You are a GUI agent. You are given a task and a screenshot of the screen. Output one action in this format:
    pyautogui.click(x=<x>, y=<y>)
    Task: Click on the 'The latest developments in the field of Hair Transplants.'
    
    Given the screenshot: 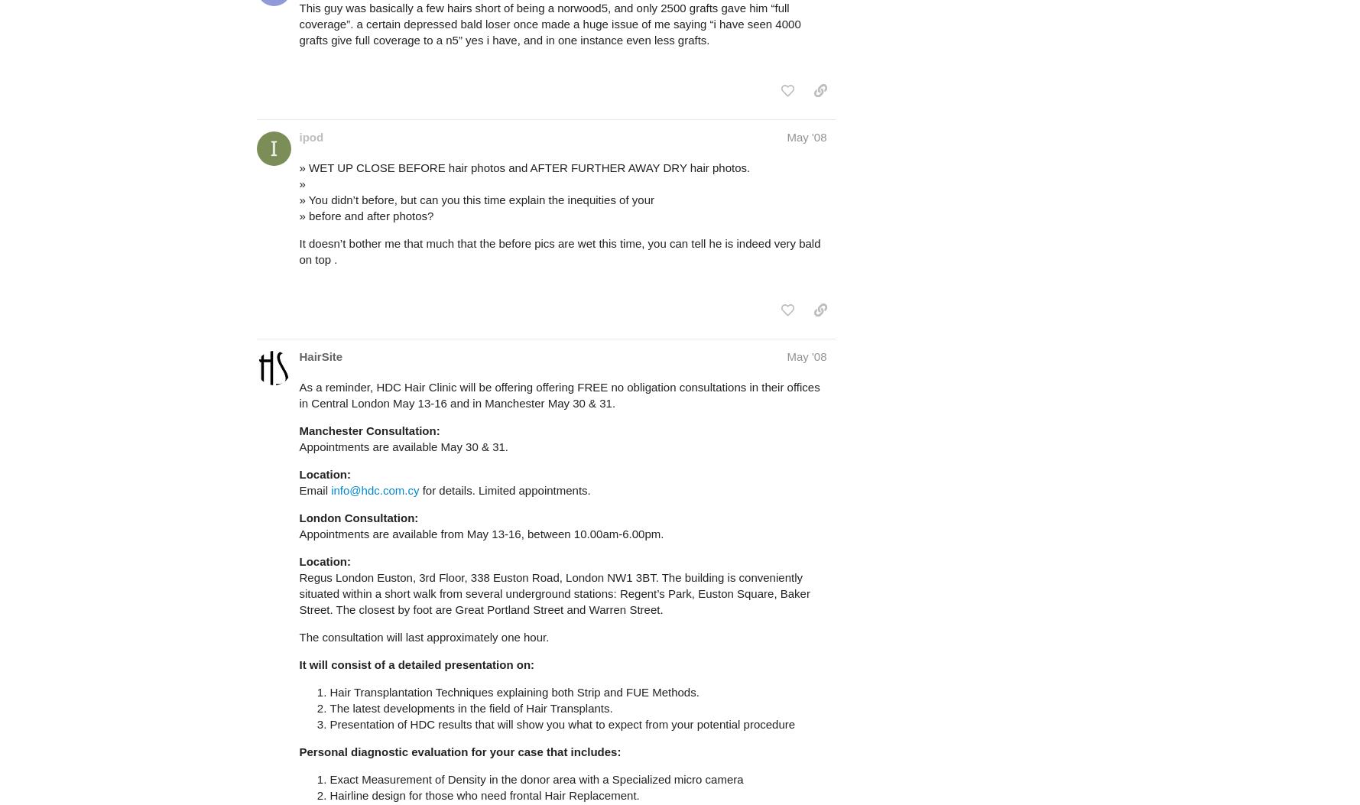 What is the action you would take?
    pyautogui.click(x=471, y=707)
    